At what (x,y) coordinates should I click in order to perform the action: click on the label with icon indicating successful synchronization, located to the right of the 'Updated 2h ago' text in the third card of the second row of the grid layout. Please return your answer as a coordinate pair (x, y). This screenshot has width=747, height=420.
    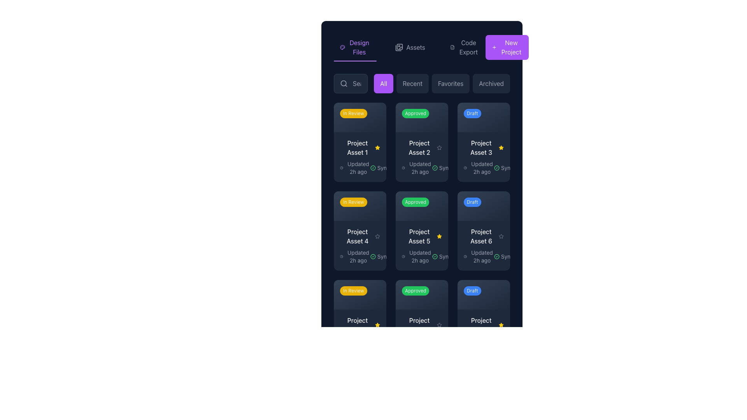
    Looking at the image, I should click on (507, 256).